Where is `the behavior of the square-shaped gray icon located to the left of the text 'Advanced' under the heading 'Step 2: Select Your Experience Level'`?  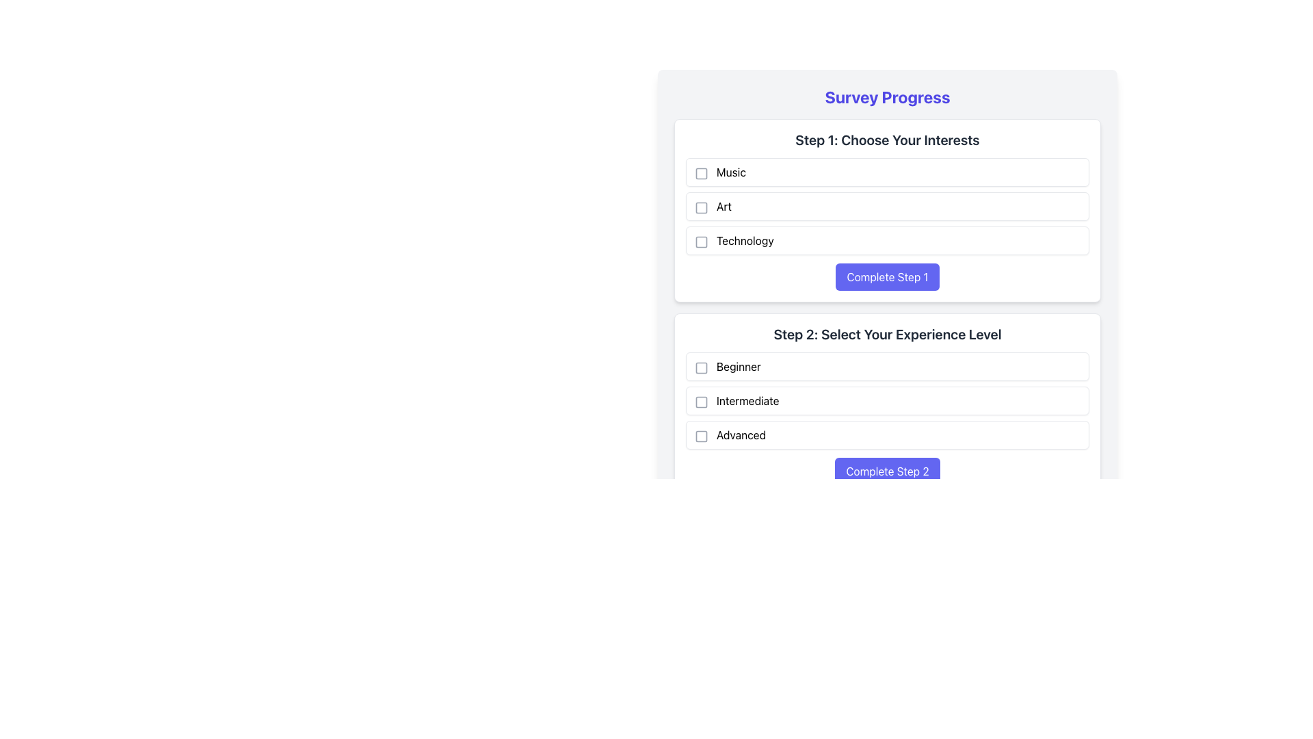 the behavior of the square-shaped gray icon located to the left of the text 'Advanced' under the heading 'Step 2: Select Your Experience Level' is located at coordinates (702, 435).